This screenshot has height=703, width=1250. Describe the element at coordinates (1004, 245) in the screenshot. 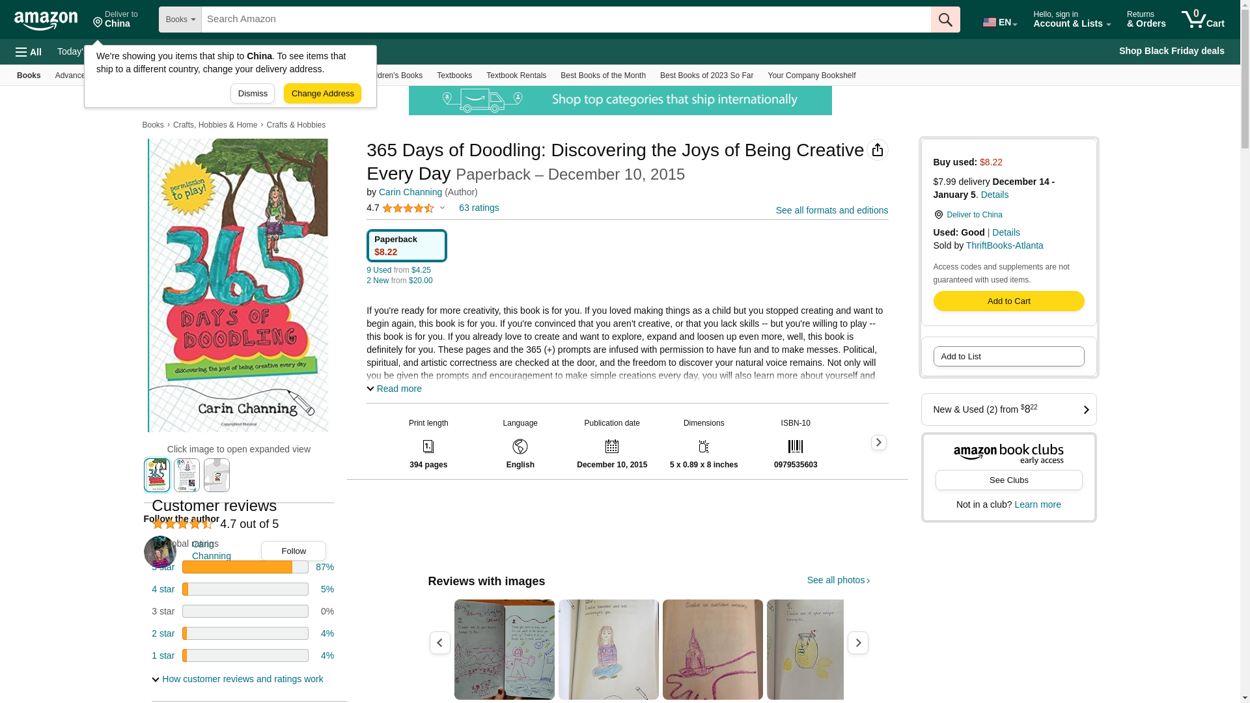

I see `'ThriftBooks-Atlanta'` at that location.